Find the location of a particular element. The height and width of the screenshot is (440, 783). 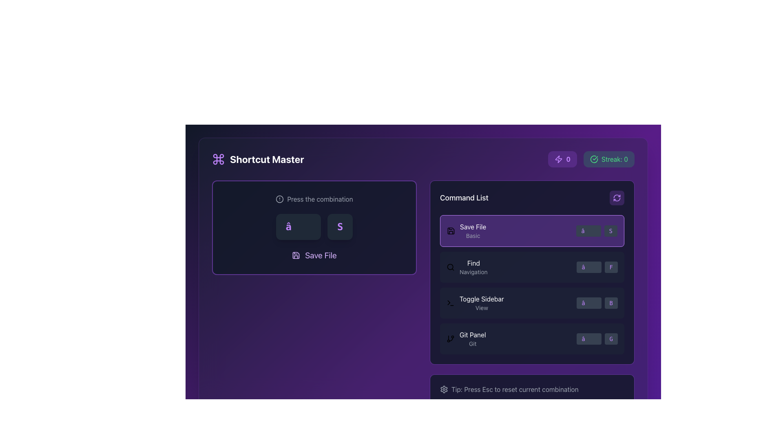

the Interactive Label with Icon representing the 'Git Panel' option located in the fourth row of the 'Command List' section on the right-hand side of the interface is located at coordinates (466, 339).